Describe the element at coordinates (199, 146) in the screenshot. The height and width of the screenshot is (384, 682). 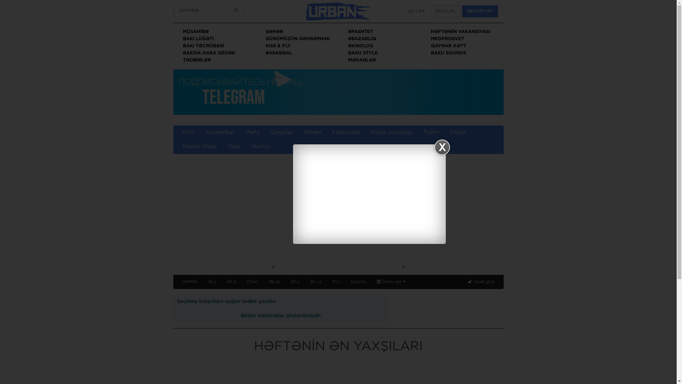
I see `'Master Klass'` at that location.